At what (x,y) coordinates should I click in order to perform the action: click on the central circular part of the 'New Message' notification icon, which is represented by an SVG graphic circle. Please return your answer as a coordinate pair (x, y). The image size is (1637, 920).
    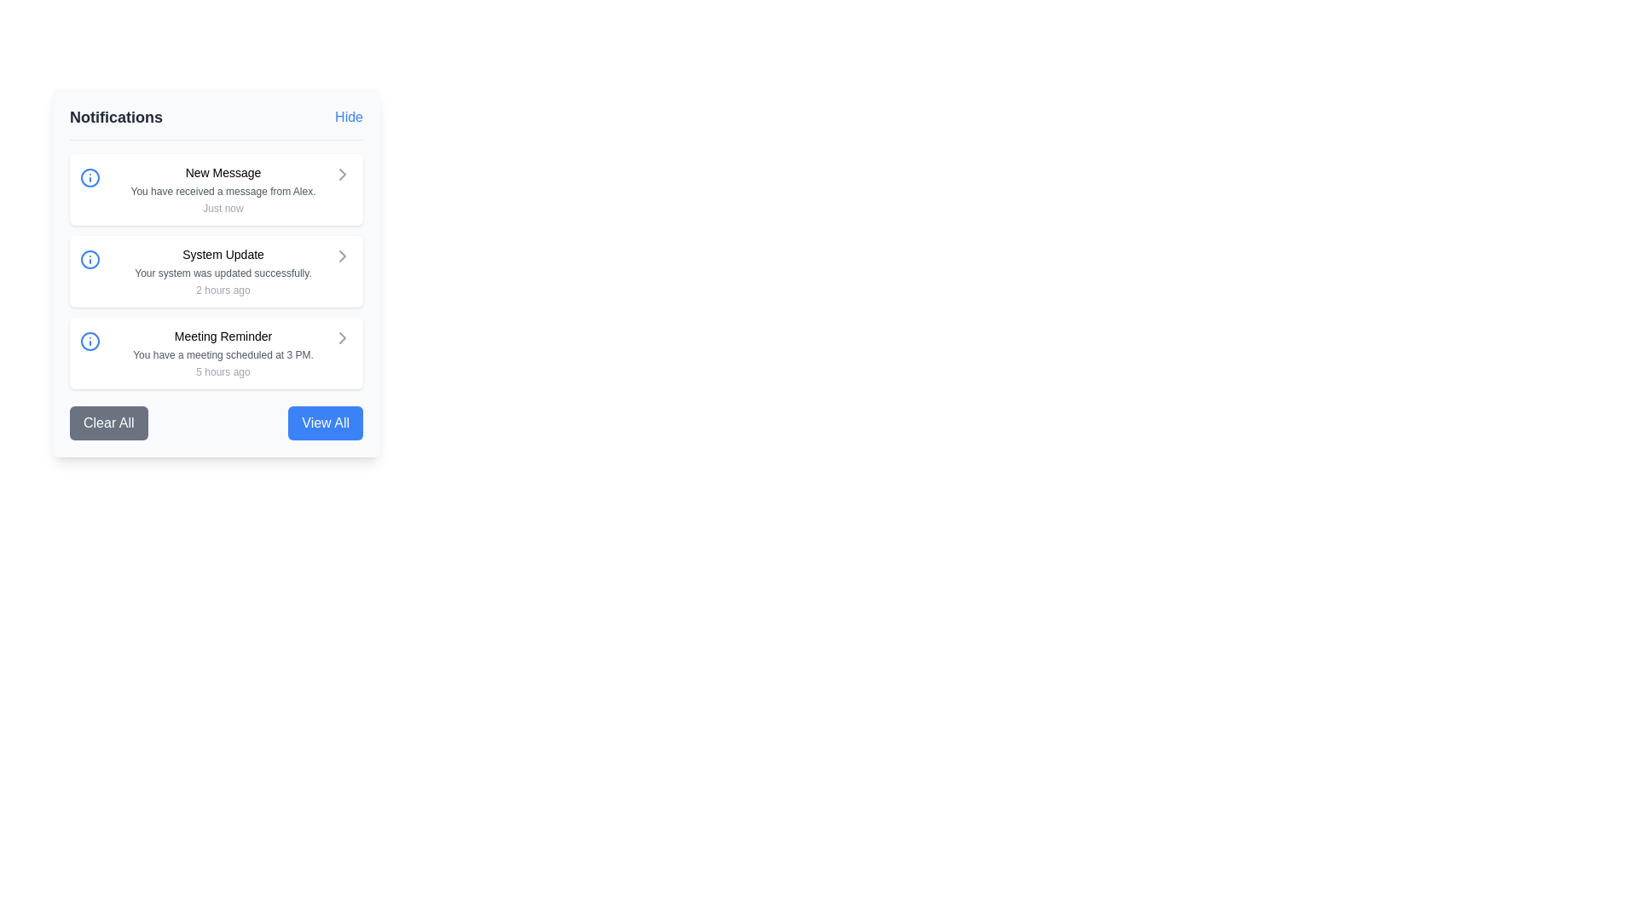
    Looking at the image, I should click on (89, 177).